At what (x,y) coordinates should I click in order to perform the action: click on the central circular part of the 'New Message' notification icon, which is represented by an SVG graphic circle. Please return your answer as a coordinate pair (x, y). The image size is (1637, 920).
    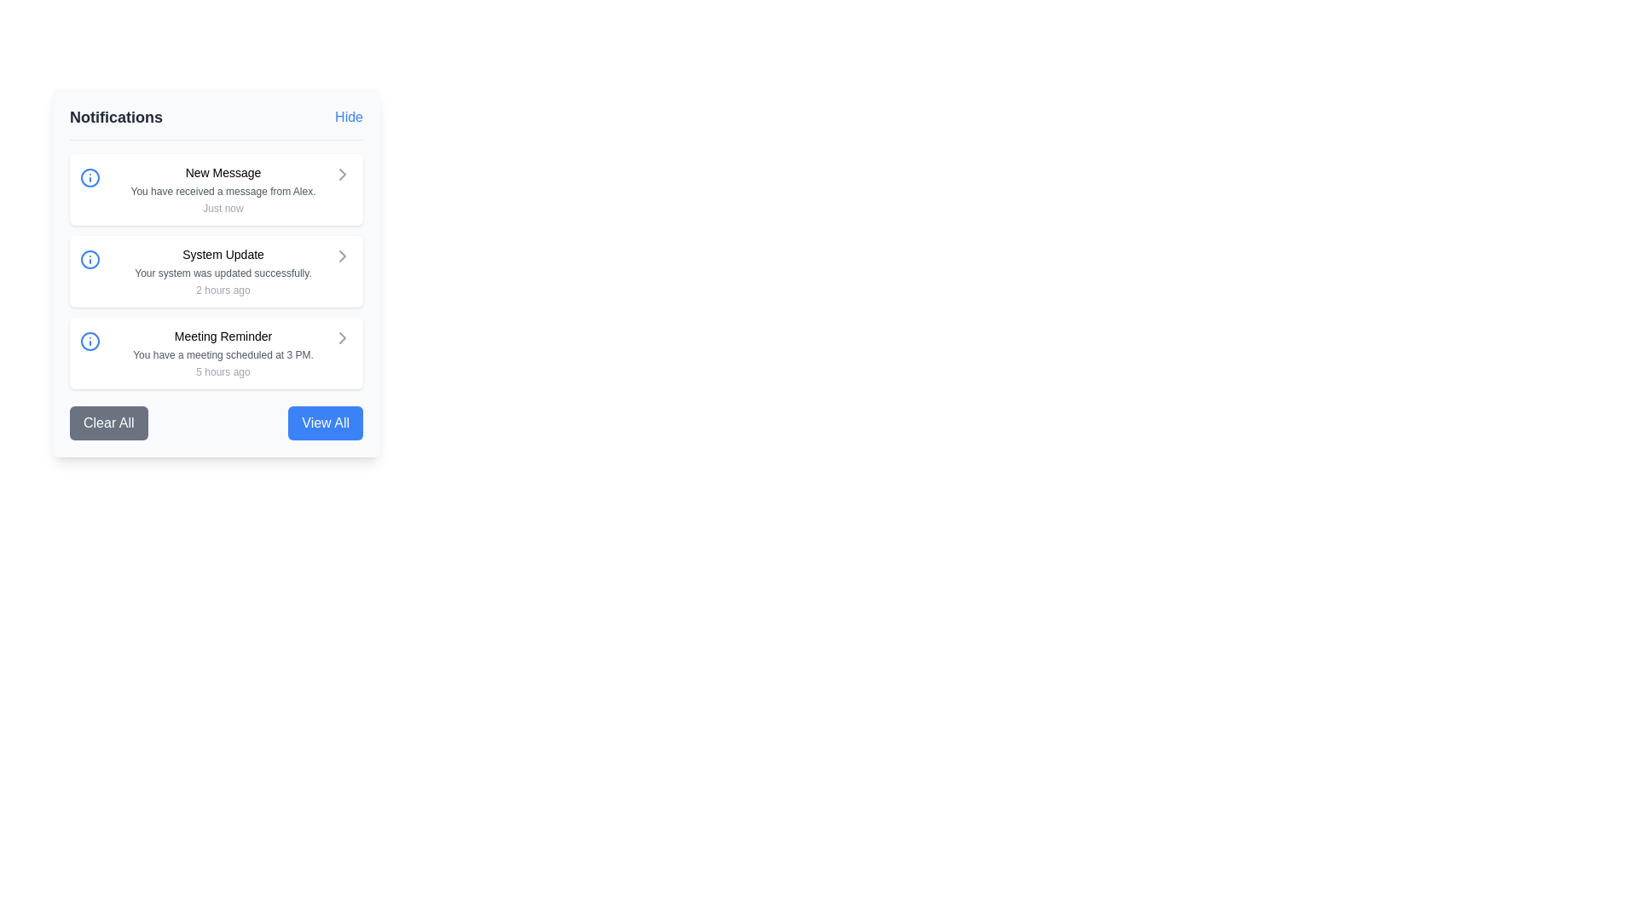
    Looking at the image, I should click on (89, 177).